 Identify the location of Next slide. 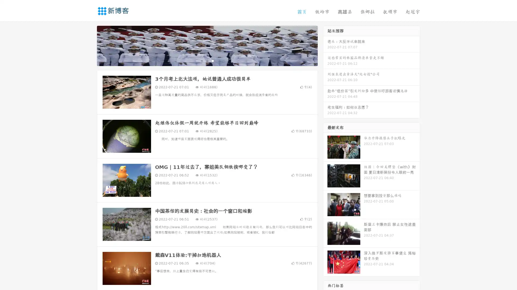
(325, 45).